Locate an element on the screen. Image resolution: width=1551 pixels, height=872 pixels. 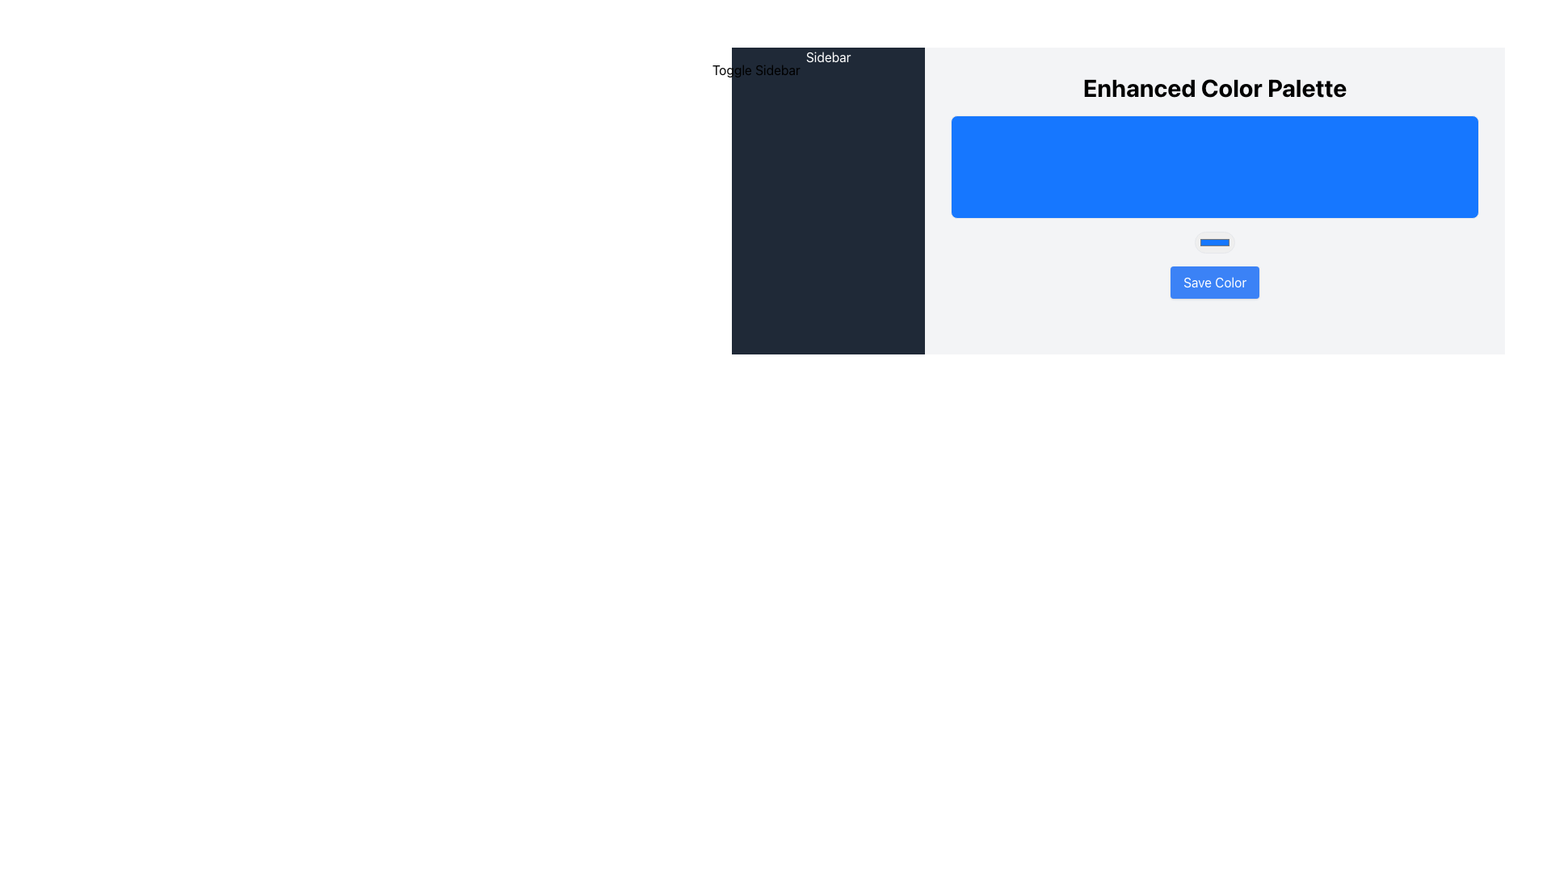
the color picker button, which is a small circular UI component with a blue fill and gray border, positioned under the color preview and above the 'Save Color' button is located at coordinates (1215, 242).